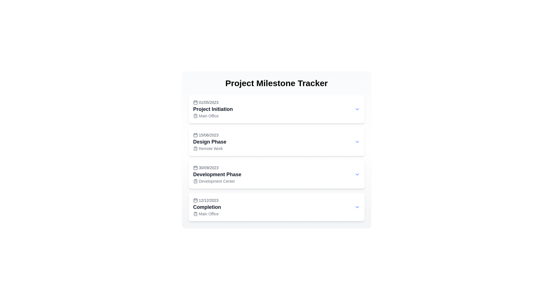 The width and height of the screenshot is (541, 304). I want to click on the fourth Expandable panel in the Project Milestone Tracker that represents the 'Completion' milestone, located below the 'Development Phase' panel, so click(276, 207).